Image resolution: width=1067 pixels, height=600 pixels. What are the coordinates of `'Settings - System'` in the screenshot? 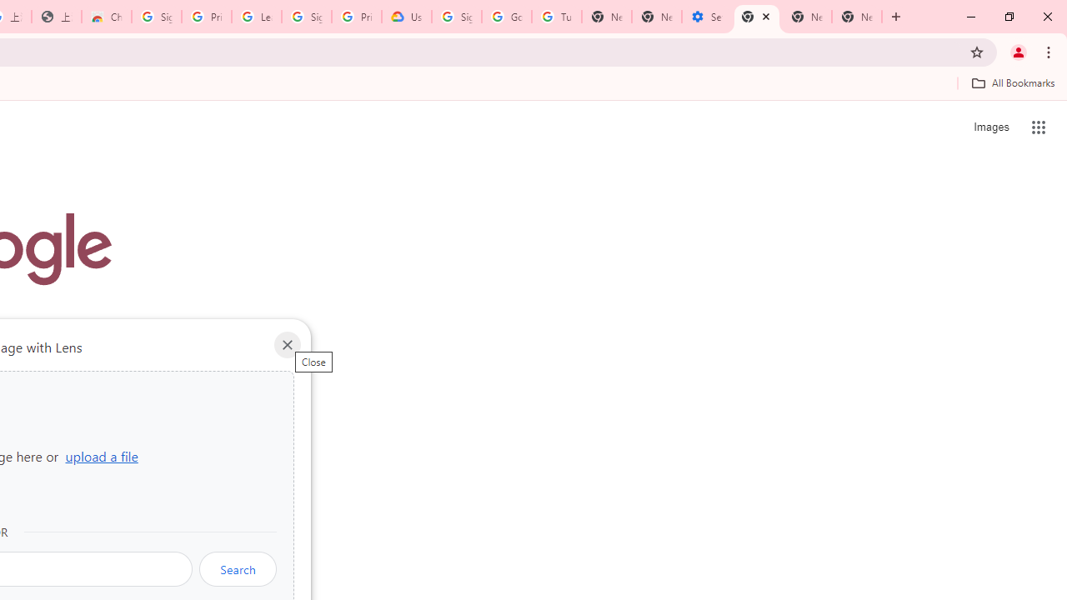 It's located at (707, 17).